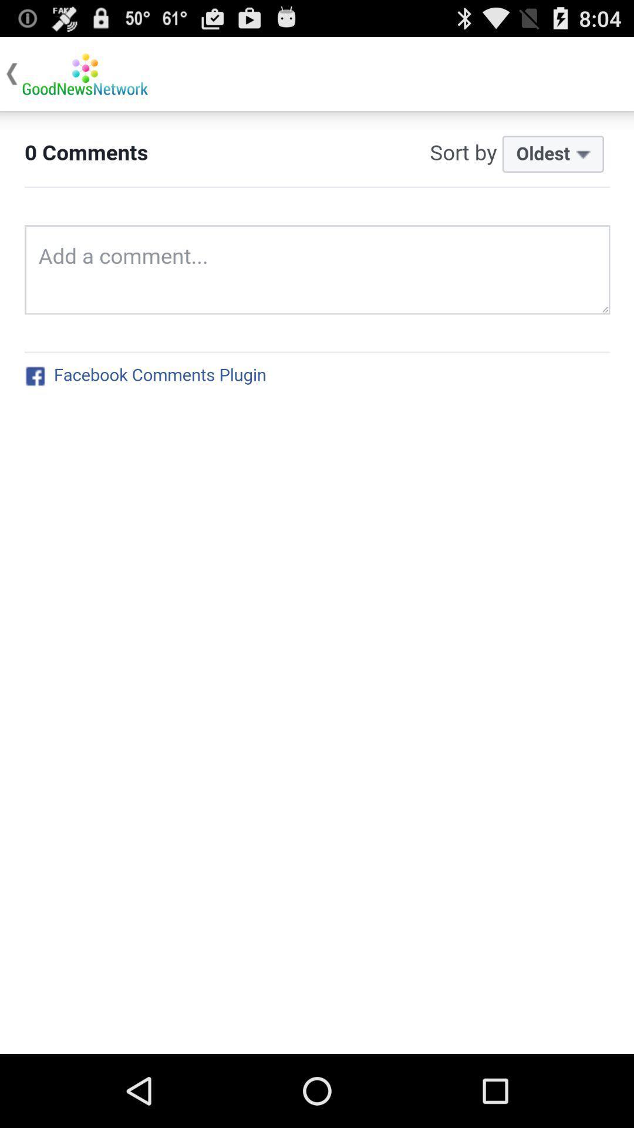  What do you see at coordinates (317, 582) in the screenshot?
I see `descrtiption` at bounding box center [317, 582].